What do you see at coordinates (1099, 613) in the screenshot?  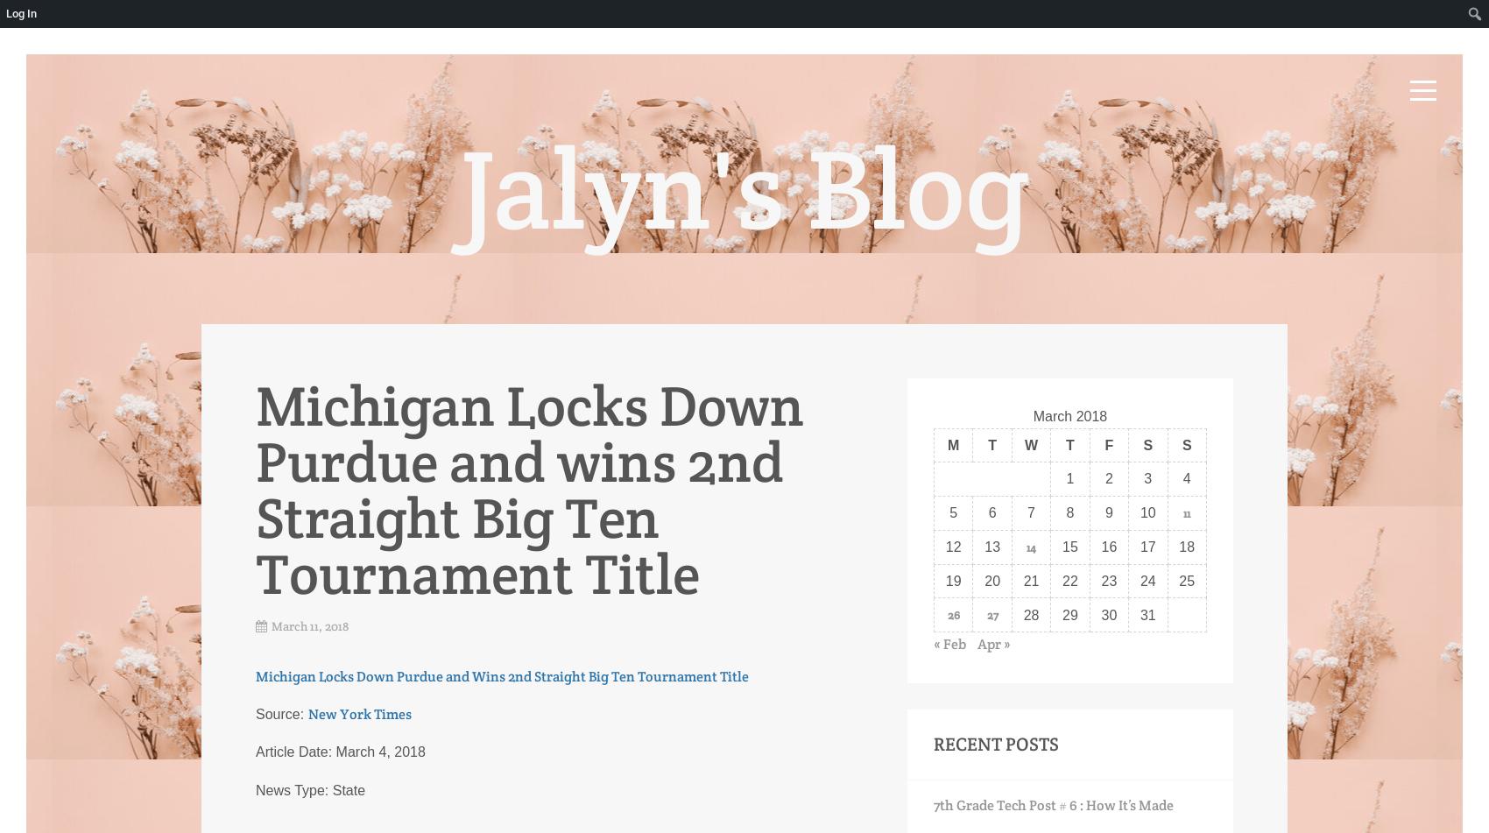 I see `'30'` at bounding box center [1099, 613].